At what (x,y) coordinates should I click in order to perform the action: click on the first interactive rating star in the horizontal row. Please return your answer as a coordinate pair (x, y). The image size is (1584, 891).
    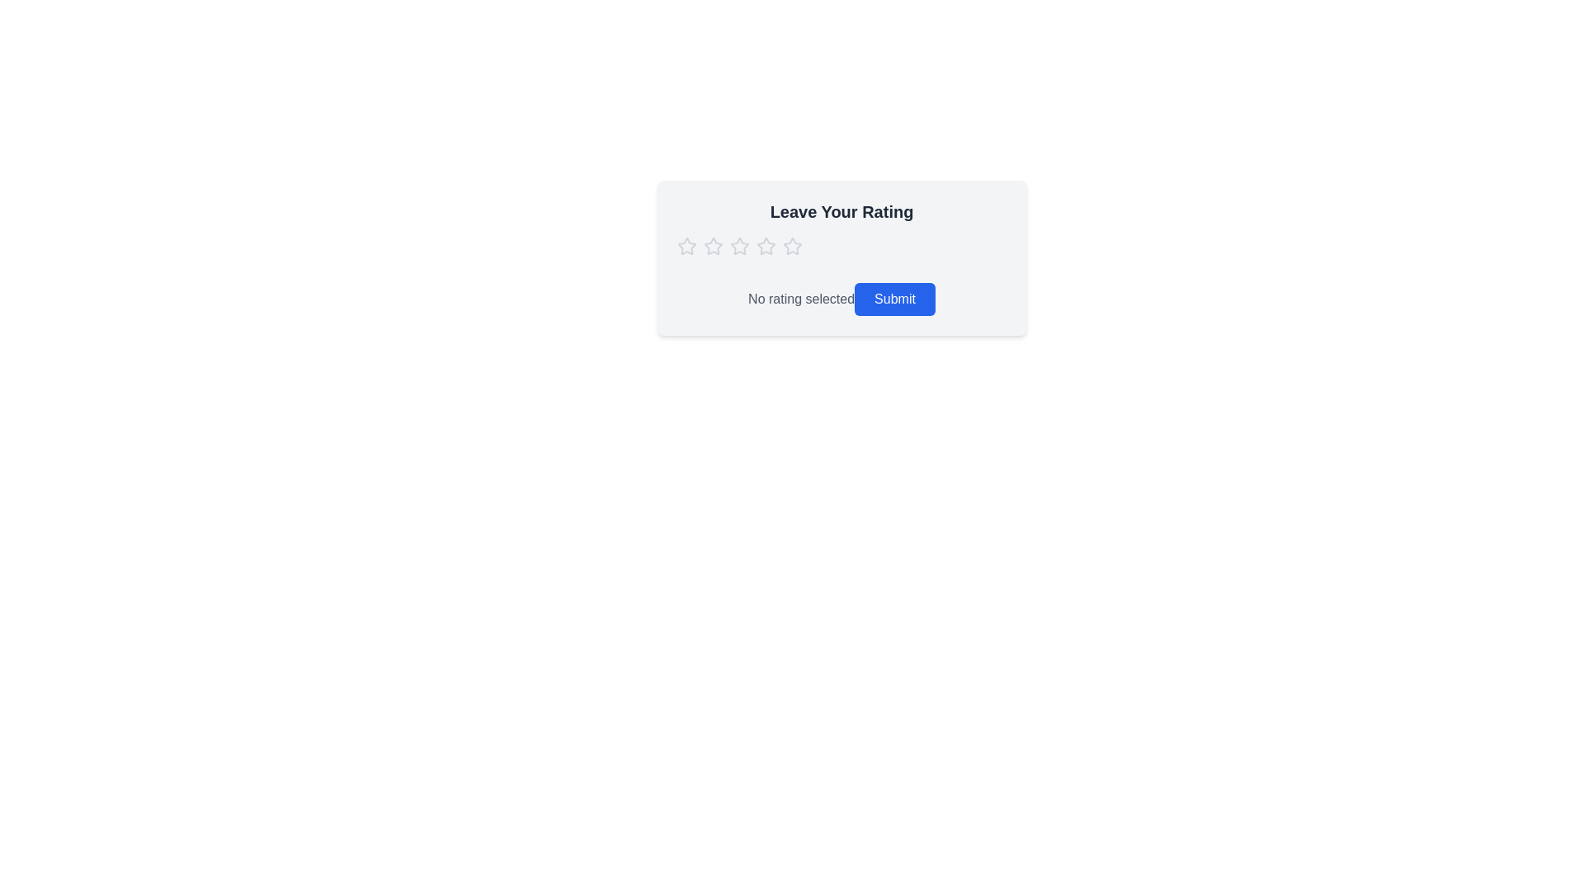
    Looking at the image, I should click on (686, 246).